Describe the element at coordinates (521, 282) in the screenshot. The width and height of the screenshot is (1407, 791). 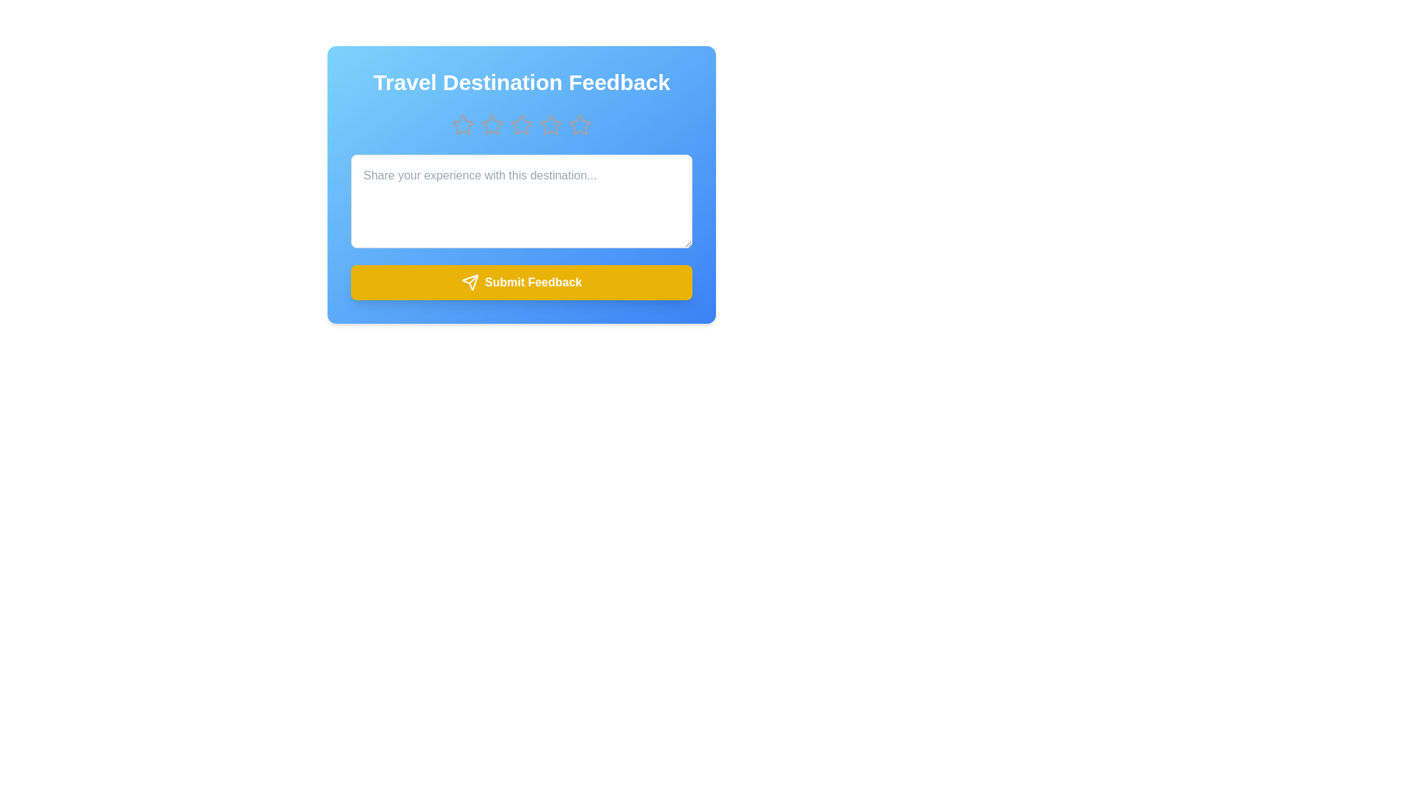
I see `the 'Submit Feedback' button` at that location.